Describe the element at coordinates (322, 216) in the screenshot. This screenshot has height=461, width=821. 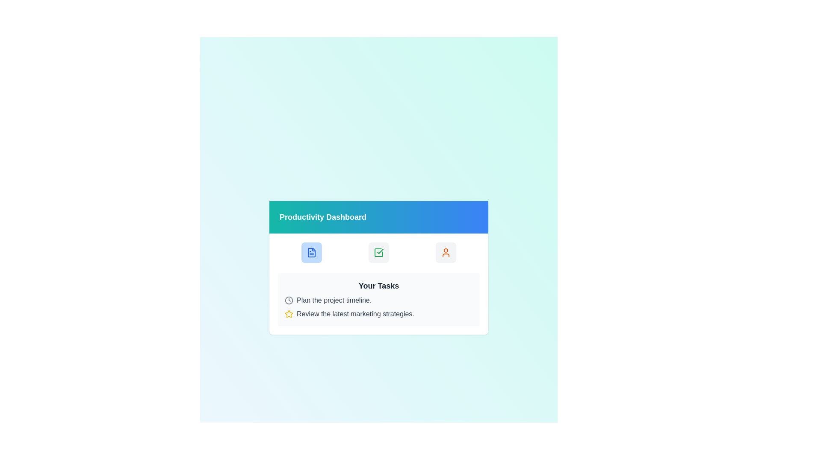
I see `the main title Text Label located at the center of the top region of the main header component, which provides context for the page or application` at that location.